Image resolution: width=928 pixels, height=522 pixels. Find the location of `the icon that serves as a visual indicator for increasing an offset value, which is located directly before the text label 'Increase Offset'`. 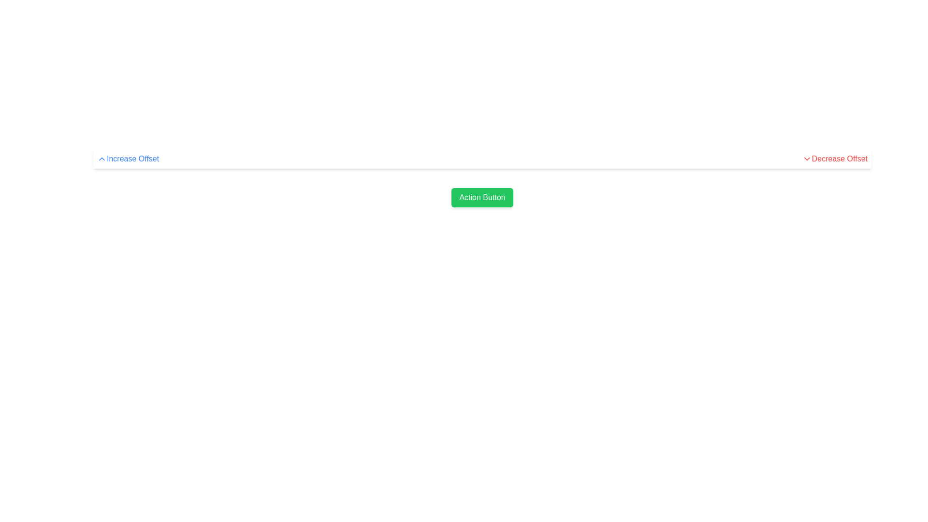

the icon that serves as a visual indicator for increasing an offset value, which is located directly before the text label 'Increase Offset' is located at coordinates (102, 158).